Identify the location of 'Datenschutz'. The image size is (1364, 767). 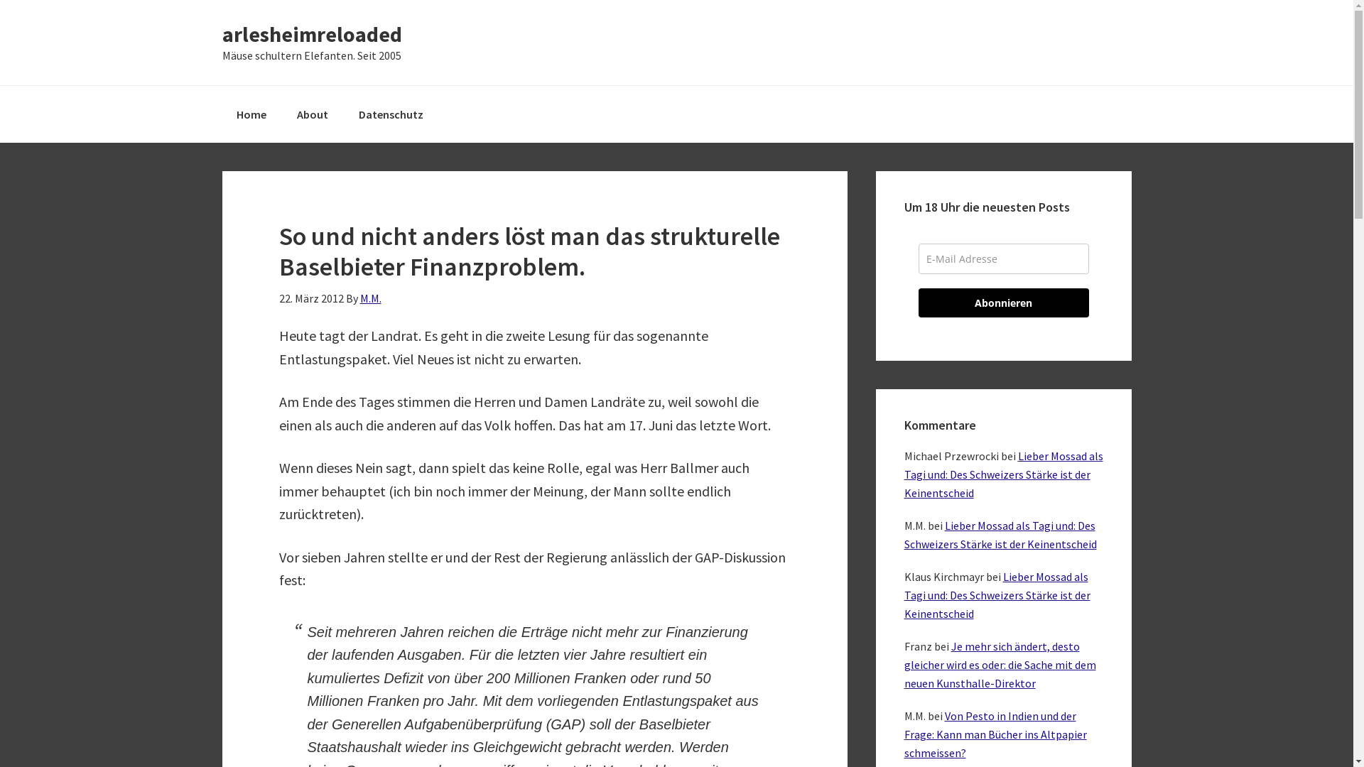
(390, 114).